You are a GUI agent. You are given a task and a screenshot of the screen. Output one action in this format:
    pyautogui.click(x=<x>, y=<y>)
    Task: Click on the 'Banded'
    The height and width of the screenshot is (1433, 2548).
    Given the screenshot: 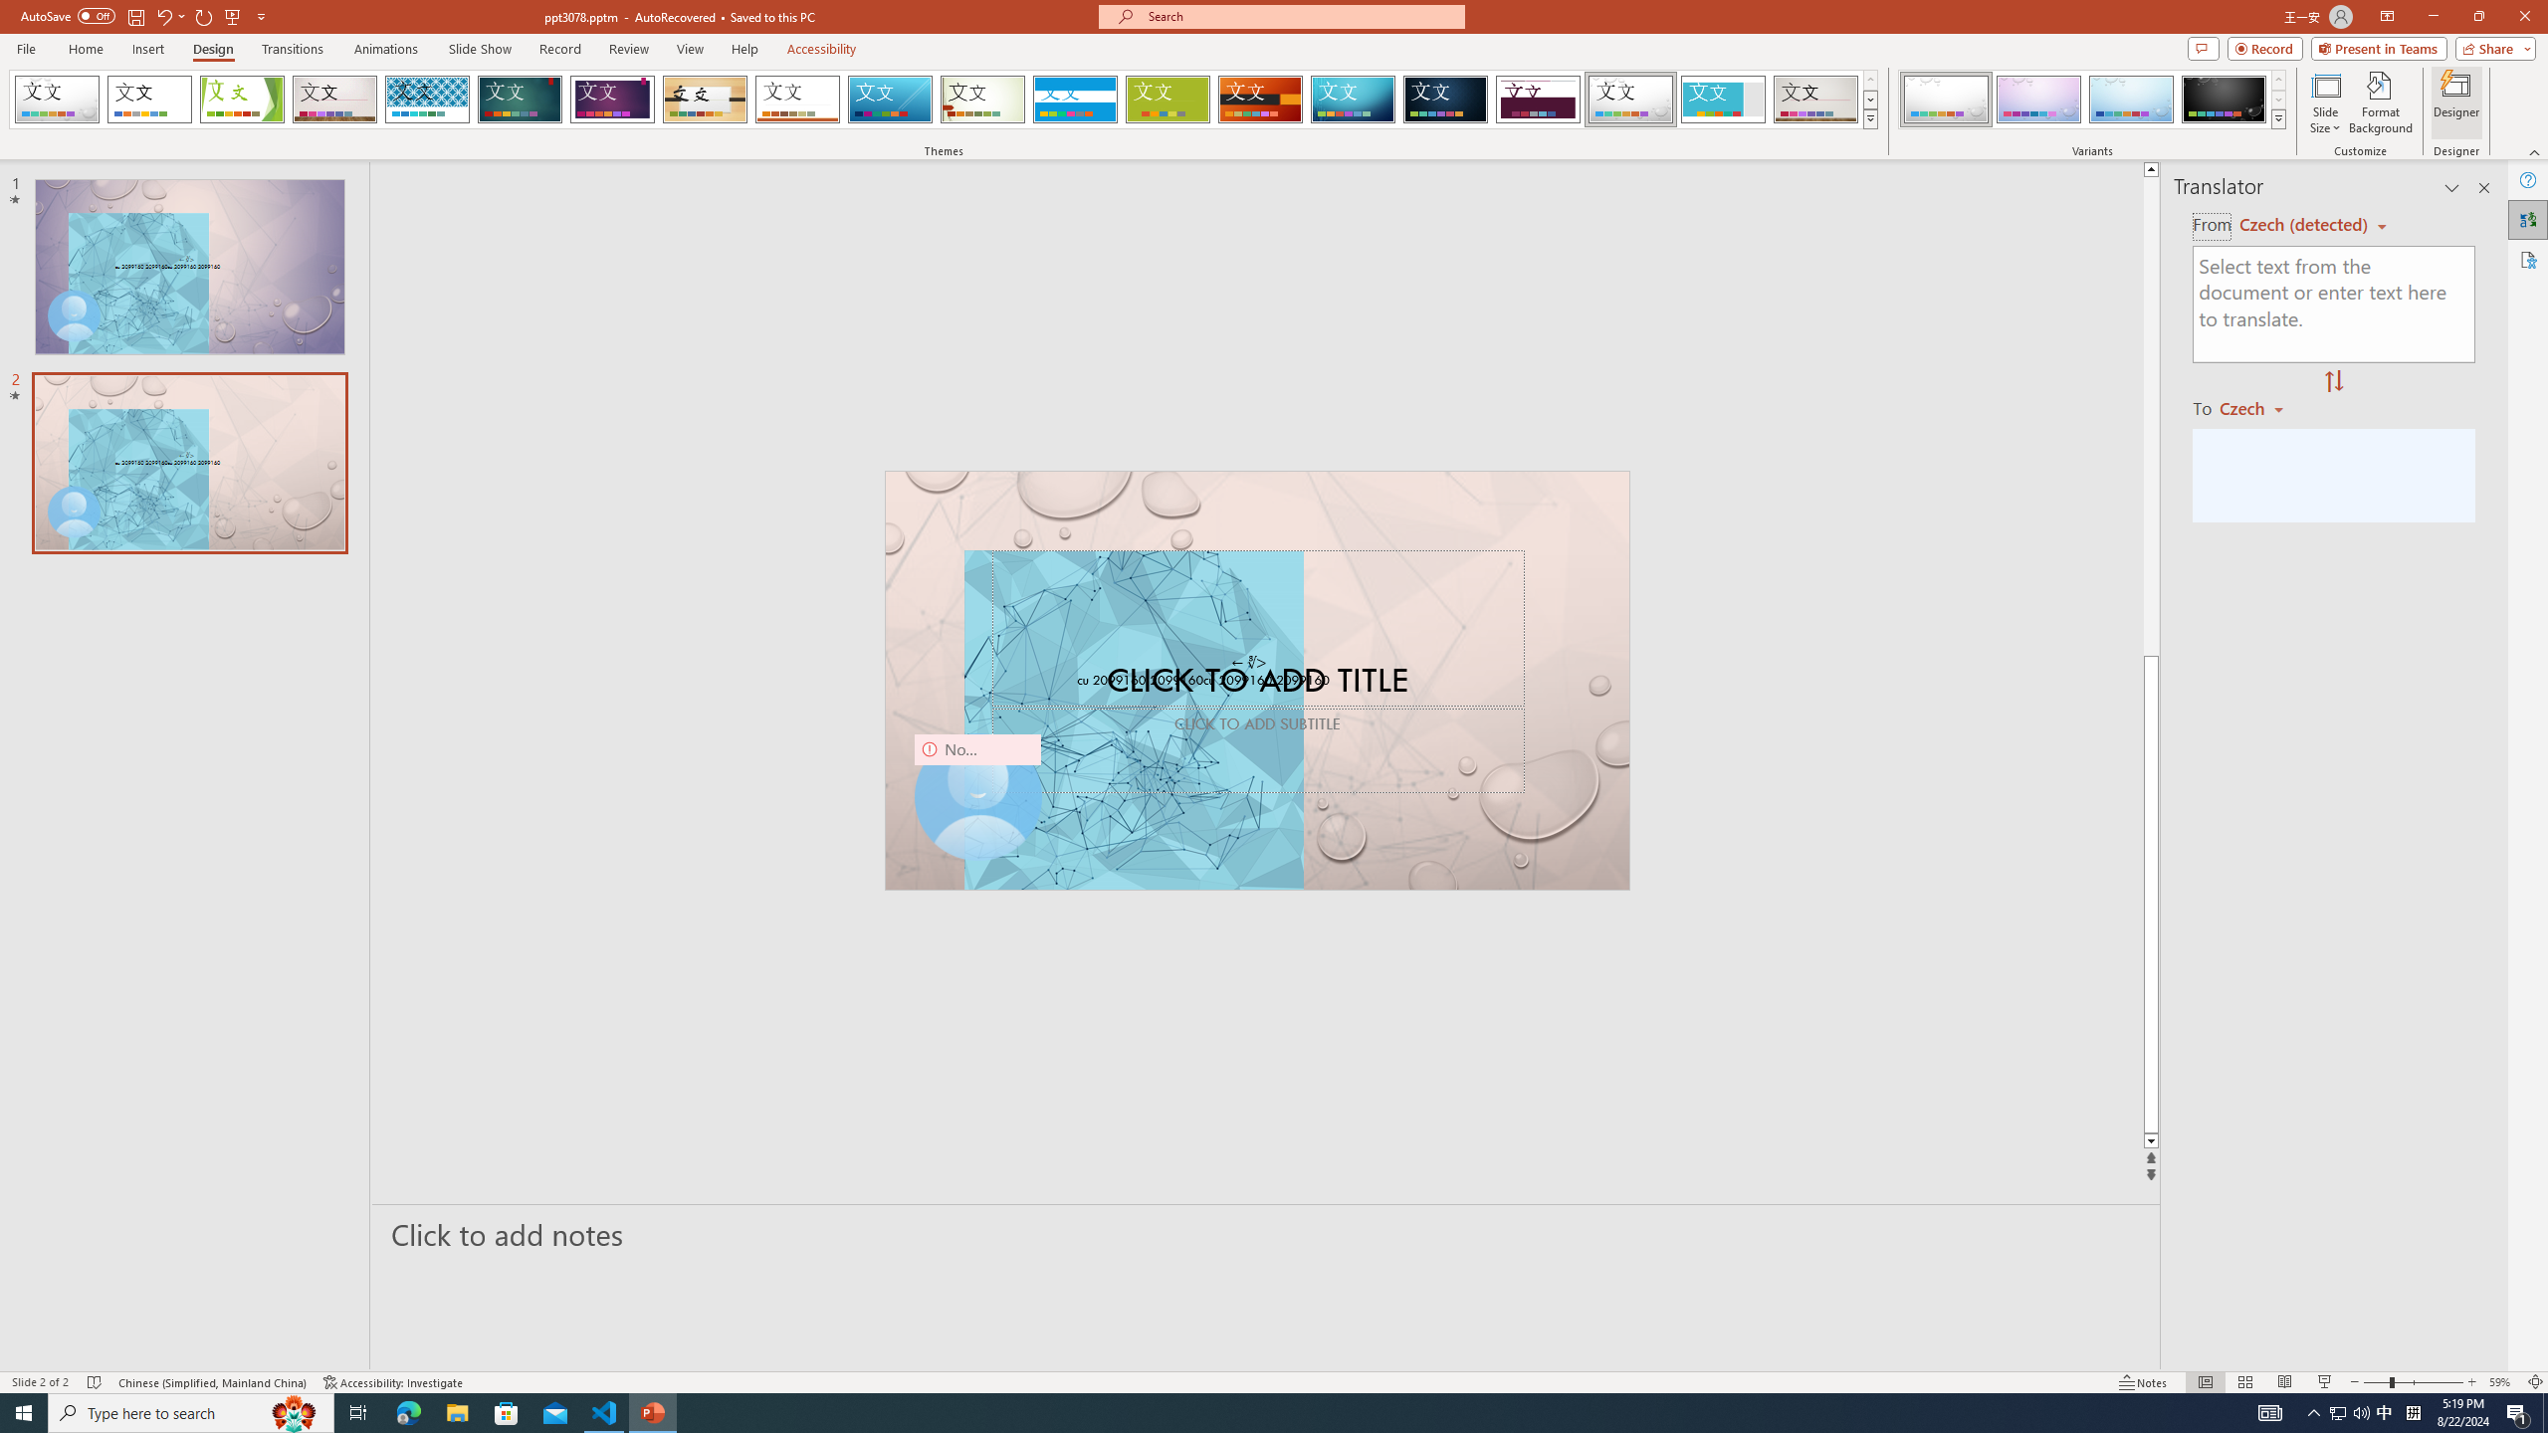 What is the action you would take?
    pyautogui.click(x=1075, y=99)
    